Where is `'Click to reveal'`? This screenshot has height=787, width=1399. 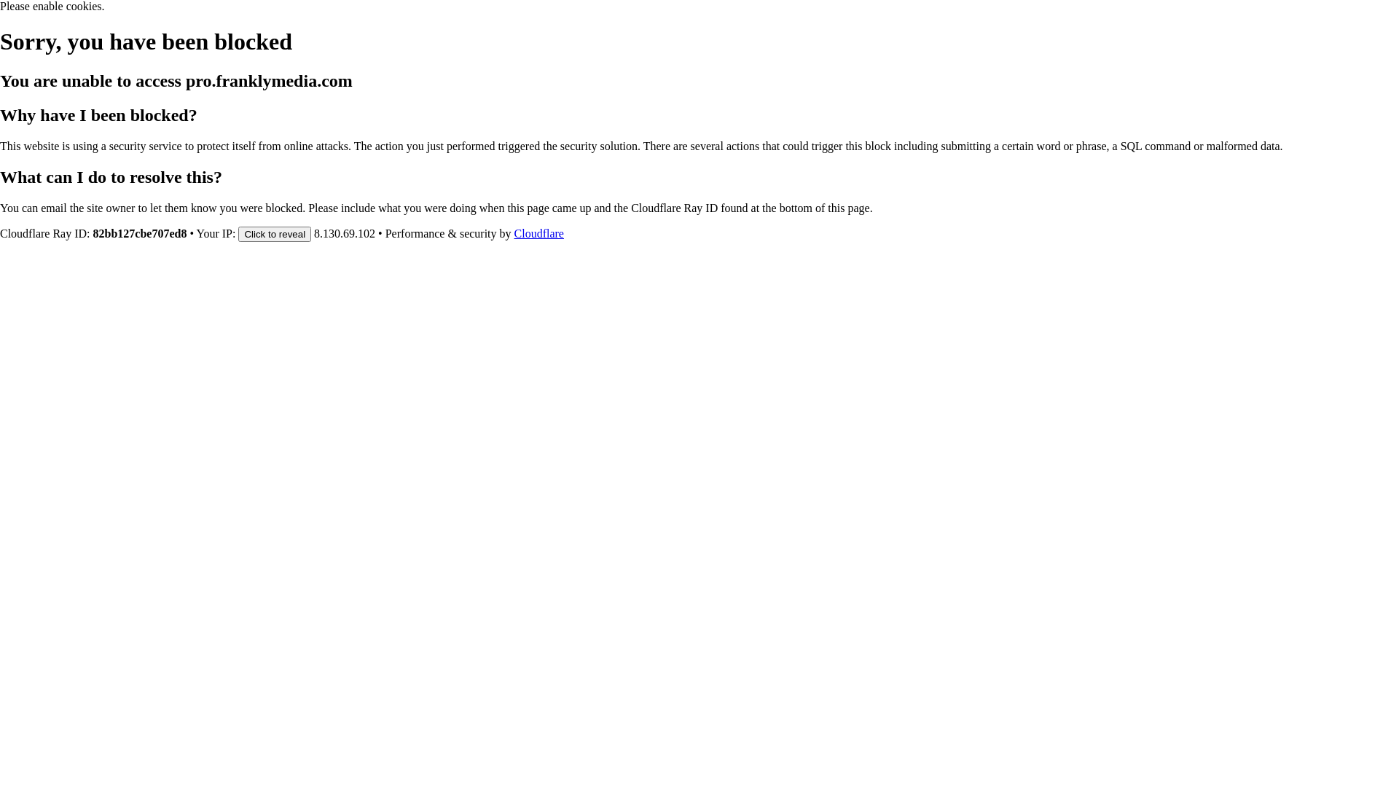 'Click to reveal' is located at coordinates (275, 232).